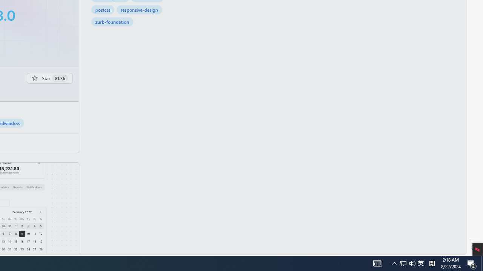 Image resolution: width=483 pixels, height=271 pixels. Describe the element at coordinates (102, 9) in the screenshot. I see `'postcss'` at that location.